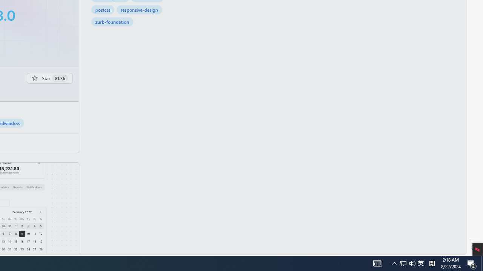 Image resolution: width=483 pixels, height=271 pixels. Describe the element at coordinates (102, 9) in the screenshot. I see `'postcss'` at that location.